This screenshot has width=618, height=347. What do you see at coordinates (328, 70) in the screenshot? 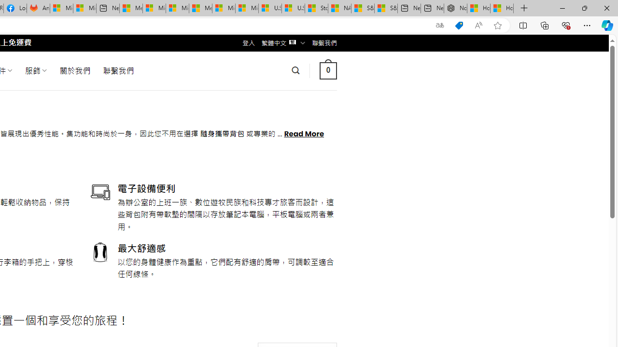
I see `'  0  '` at bounding box center [328, 70].